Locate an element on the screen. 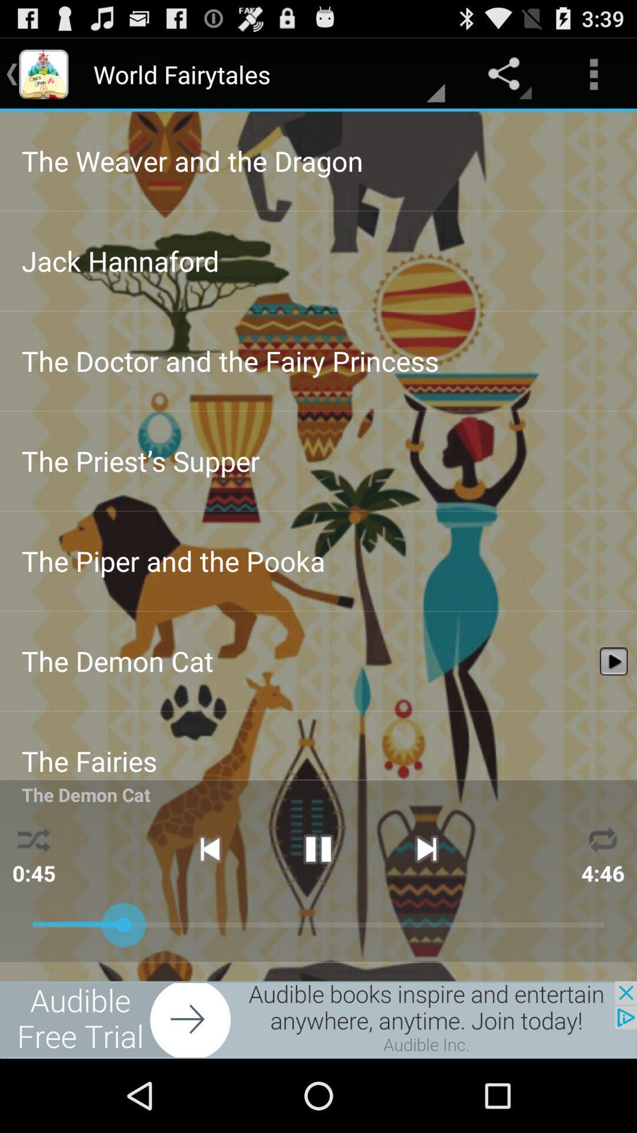  the pause icon is located at coordinates (317, 908).